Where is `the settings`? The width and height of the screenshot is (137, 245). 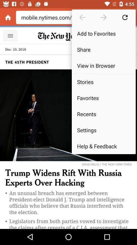 the settings is located at coordinates (103, 130).